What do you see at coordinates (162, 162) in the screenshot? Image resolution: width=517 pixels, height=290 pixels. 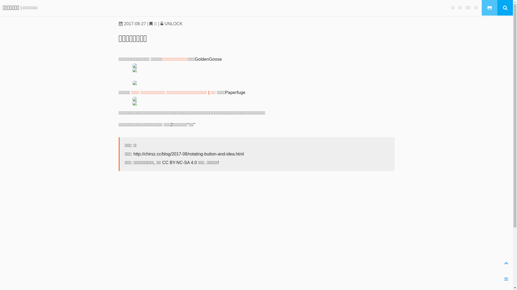 I see `'CC BY-NC-SA 4.0'` at bounding box center [162, 162].